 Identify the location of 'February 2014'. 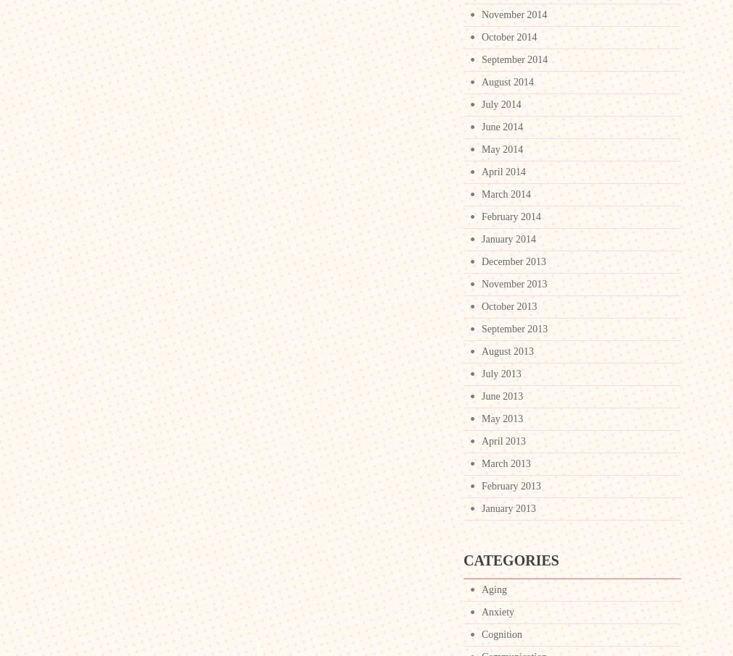
(511, 216).